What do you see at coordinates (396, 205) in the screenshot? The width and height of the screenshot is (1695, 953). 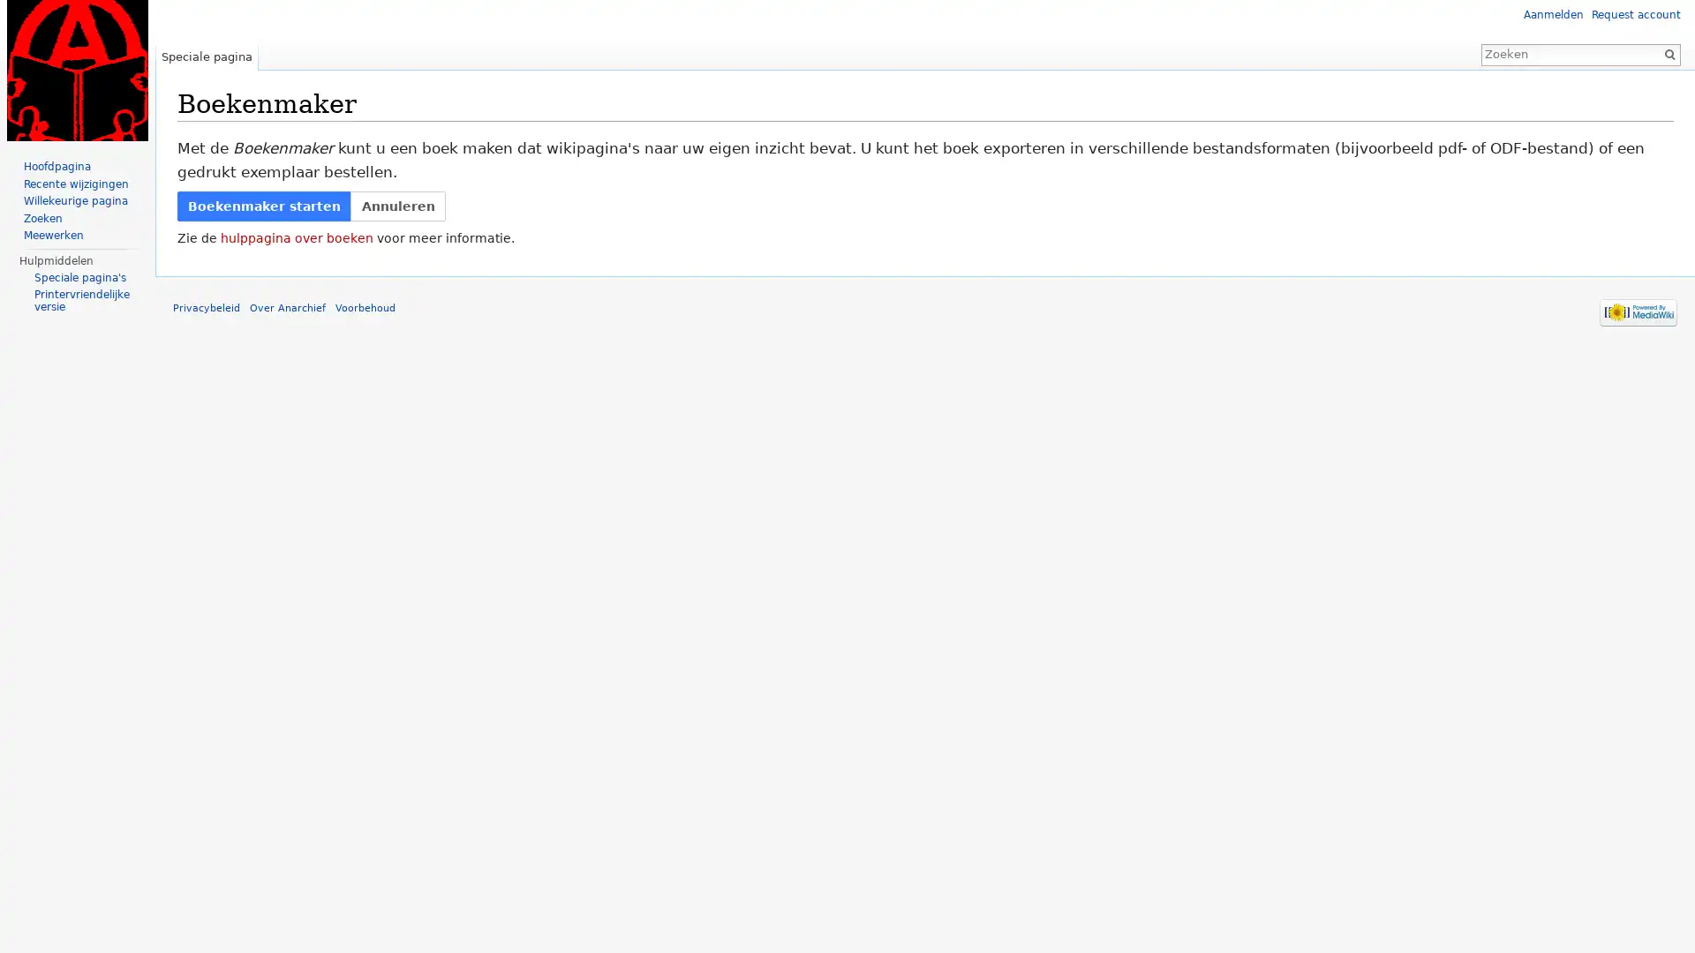 I see `Annuleren` at bounding box center [396, 205].